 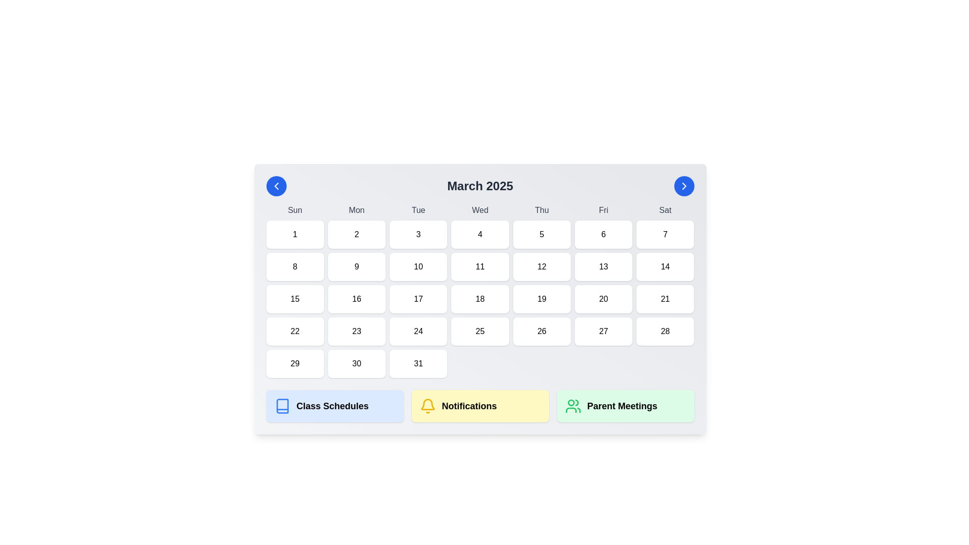 I want to click on the Date tile displaying the number '24' in the calendar grid, located in the fourth row and third column beneath 'Tue', so click(x=418, y=331).